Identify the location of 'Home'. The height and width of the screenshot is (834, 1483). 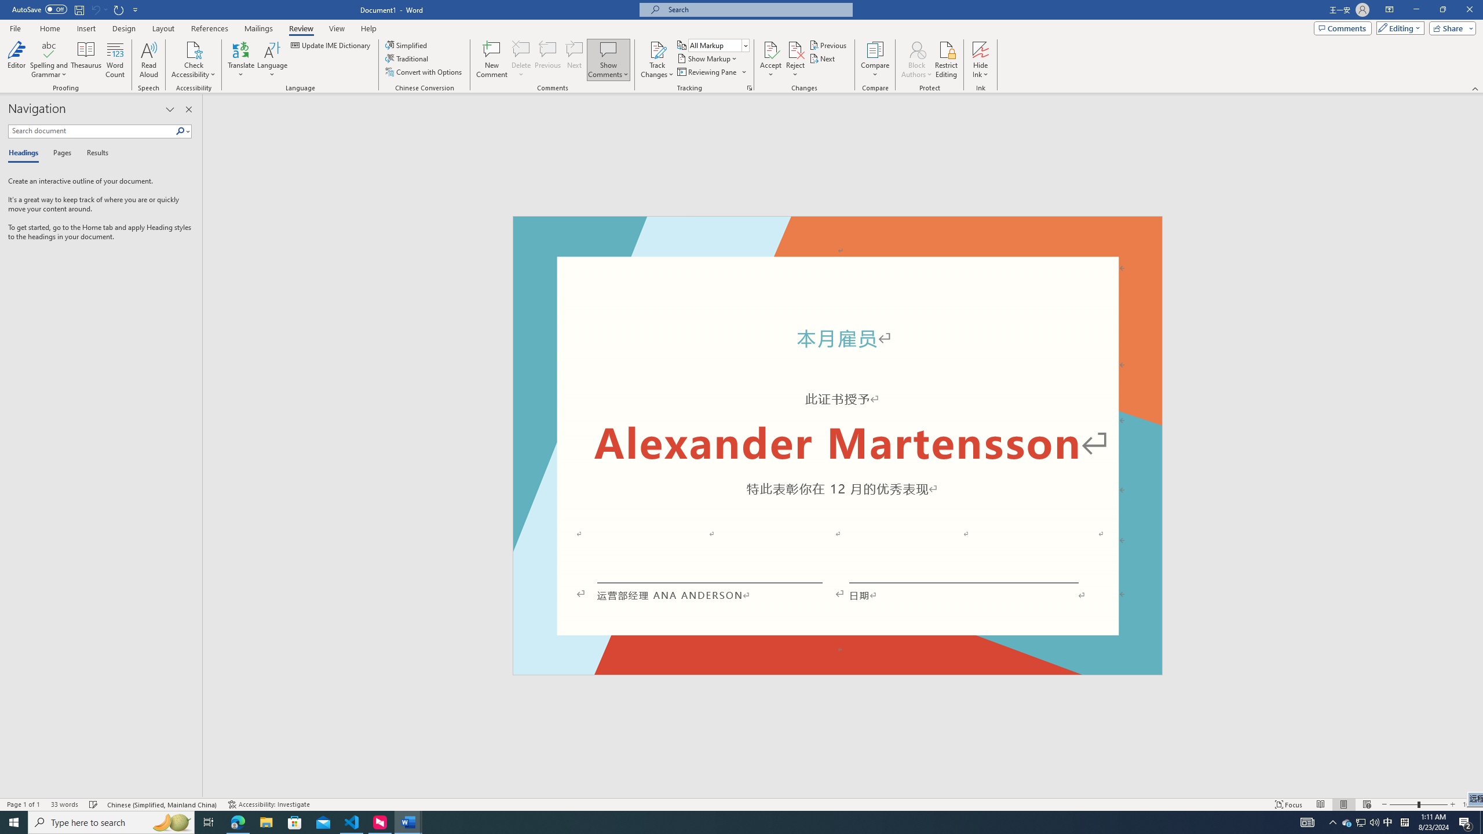
(49, 28).